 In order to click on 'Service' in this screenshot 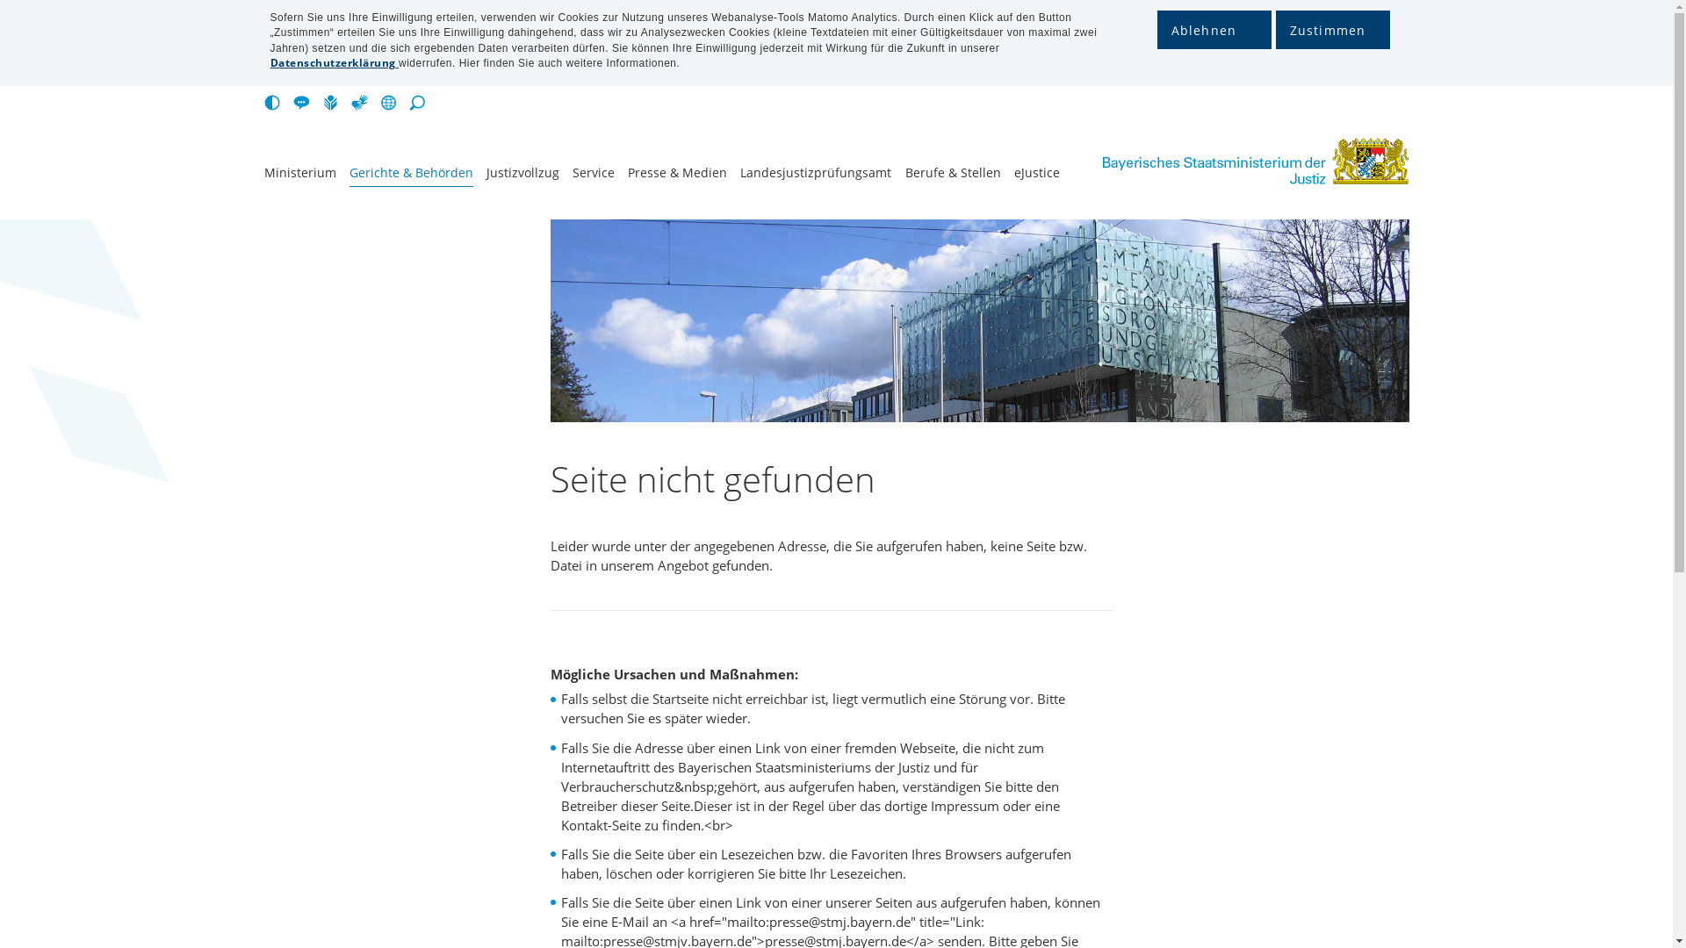, I will do `click(573, 176)`.